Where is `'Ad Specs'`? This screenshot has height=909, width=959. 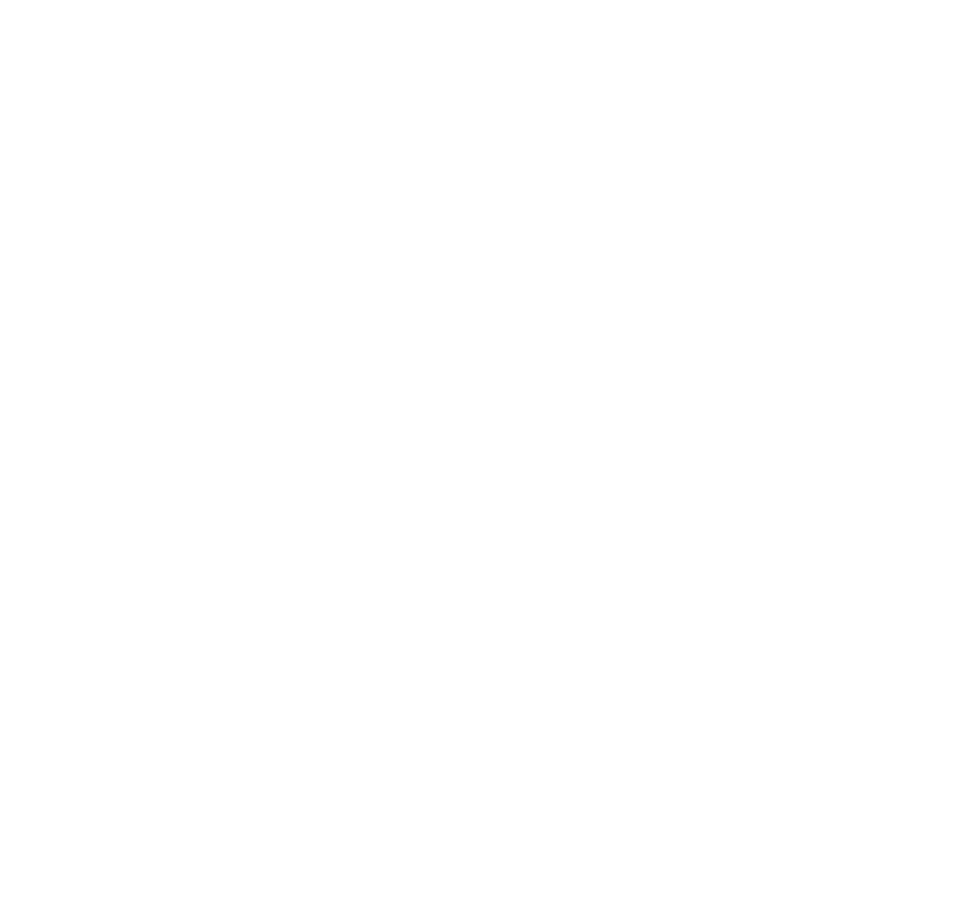 'Ad Specs' is located at coordinates (425, 778).